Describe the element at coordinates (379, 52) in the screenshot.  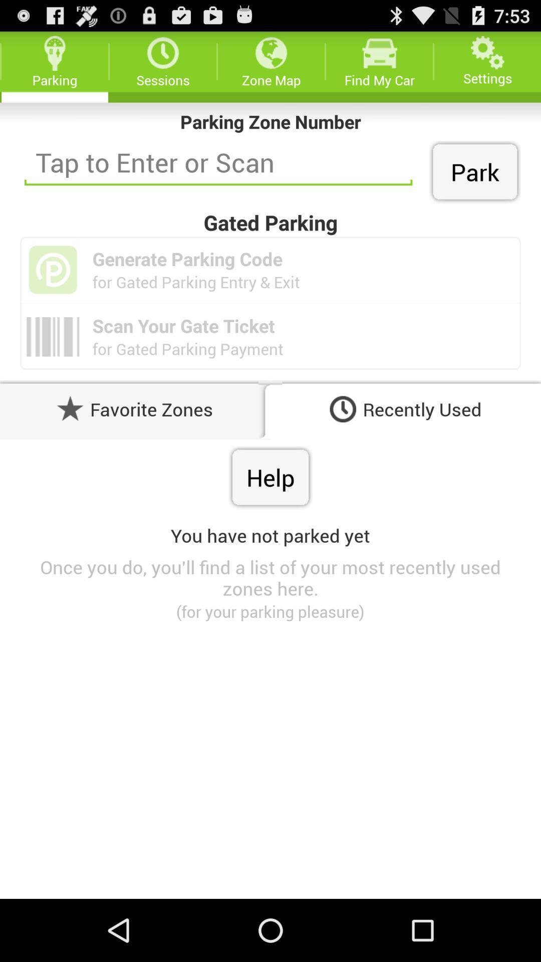
I see `the symbol which is above find my car` at that location.